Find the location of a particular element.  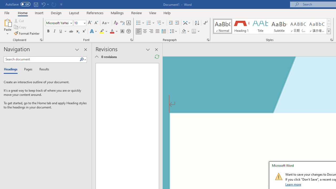

'Enclose Characters...' is located at coordinates (128, 31).